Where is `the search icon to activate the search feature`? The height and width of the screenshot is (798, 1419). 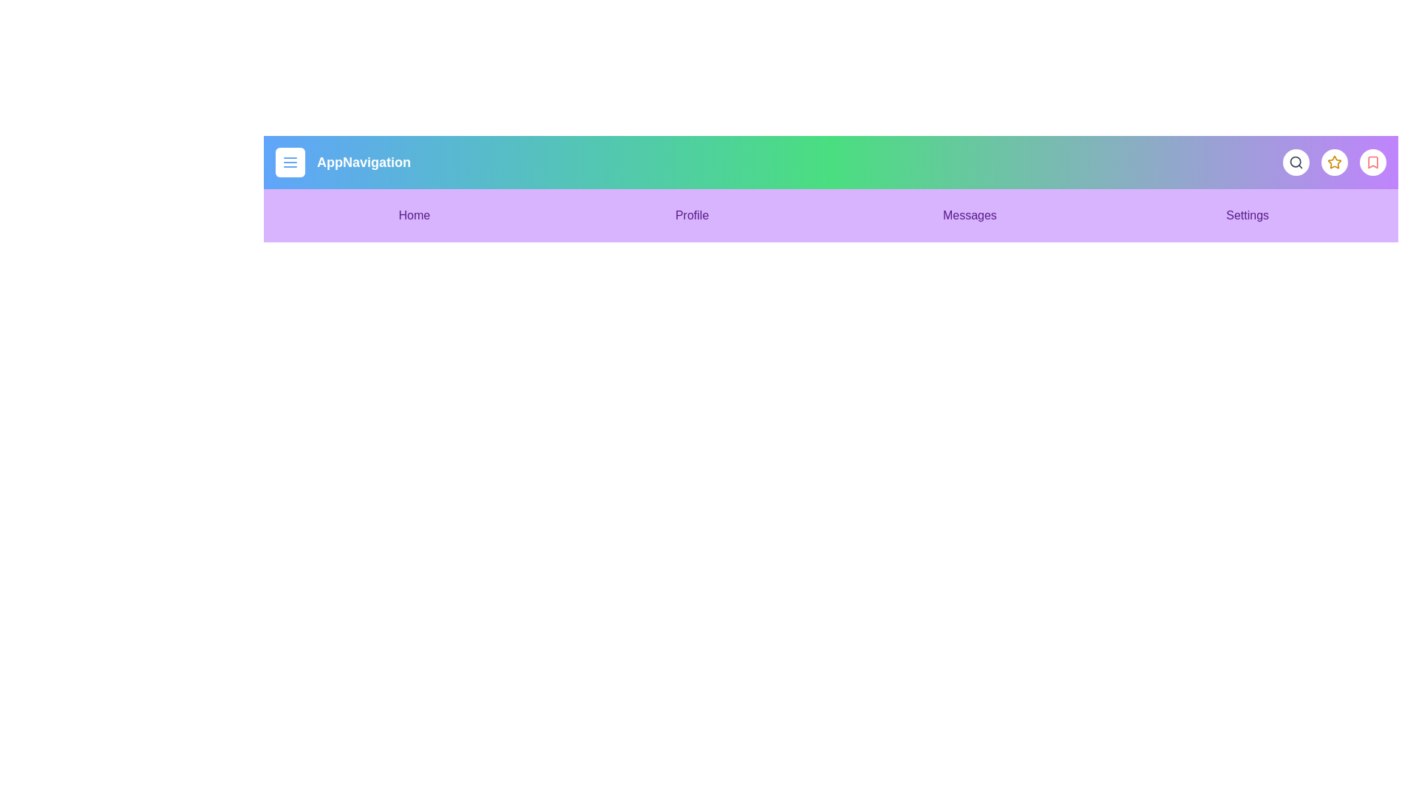 the search icon to activate the search feature is located at coordinates (1295, 162).